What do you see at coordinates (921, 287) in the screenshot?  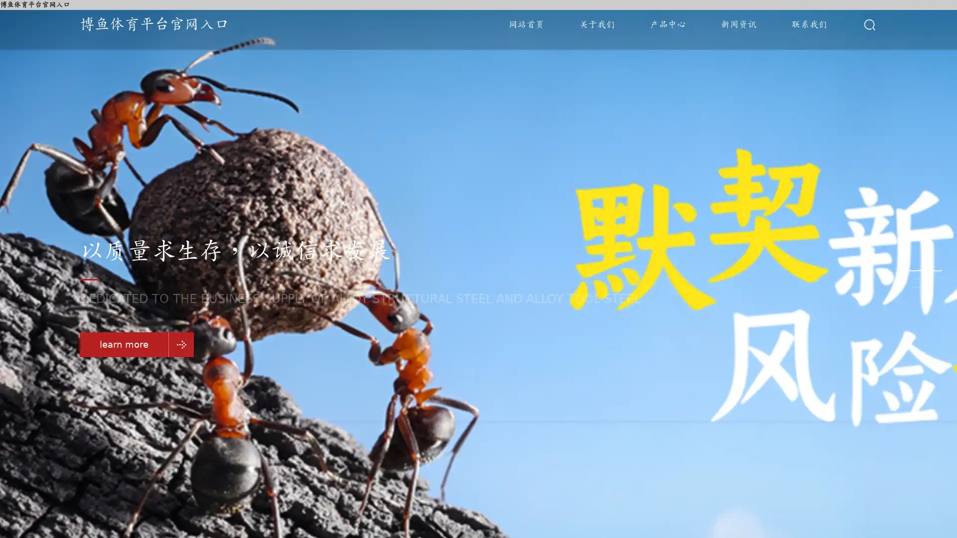 I see `Go to slide 3` at bounding box center [921, 287].